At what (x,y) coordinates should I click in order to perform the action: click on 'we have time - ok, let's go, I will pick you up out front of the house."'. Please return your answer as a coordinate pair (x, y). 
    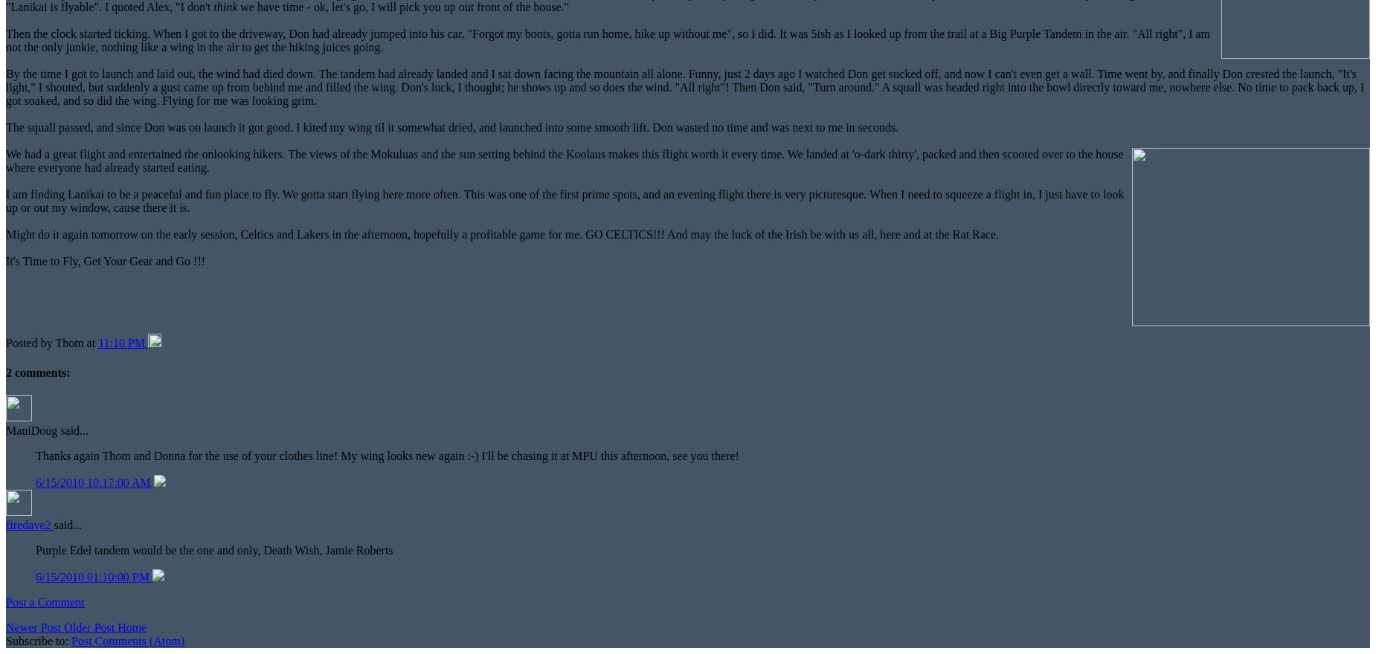
    Looking at the image, I should click on (405, 6).